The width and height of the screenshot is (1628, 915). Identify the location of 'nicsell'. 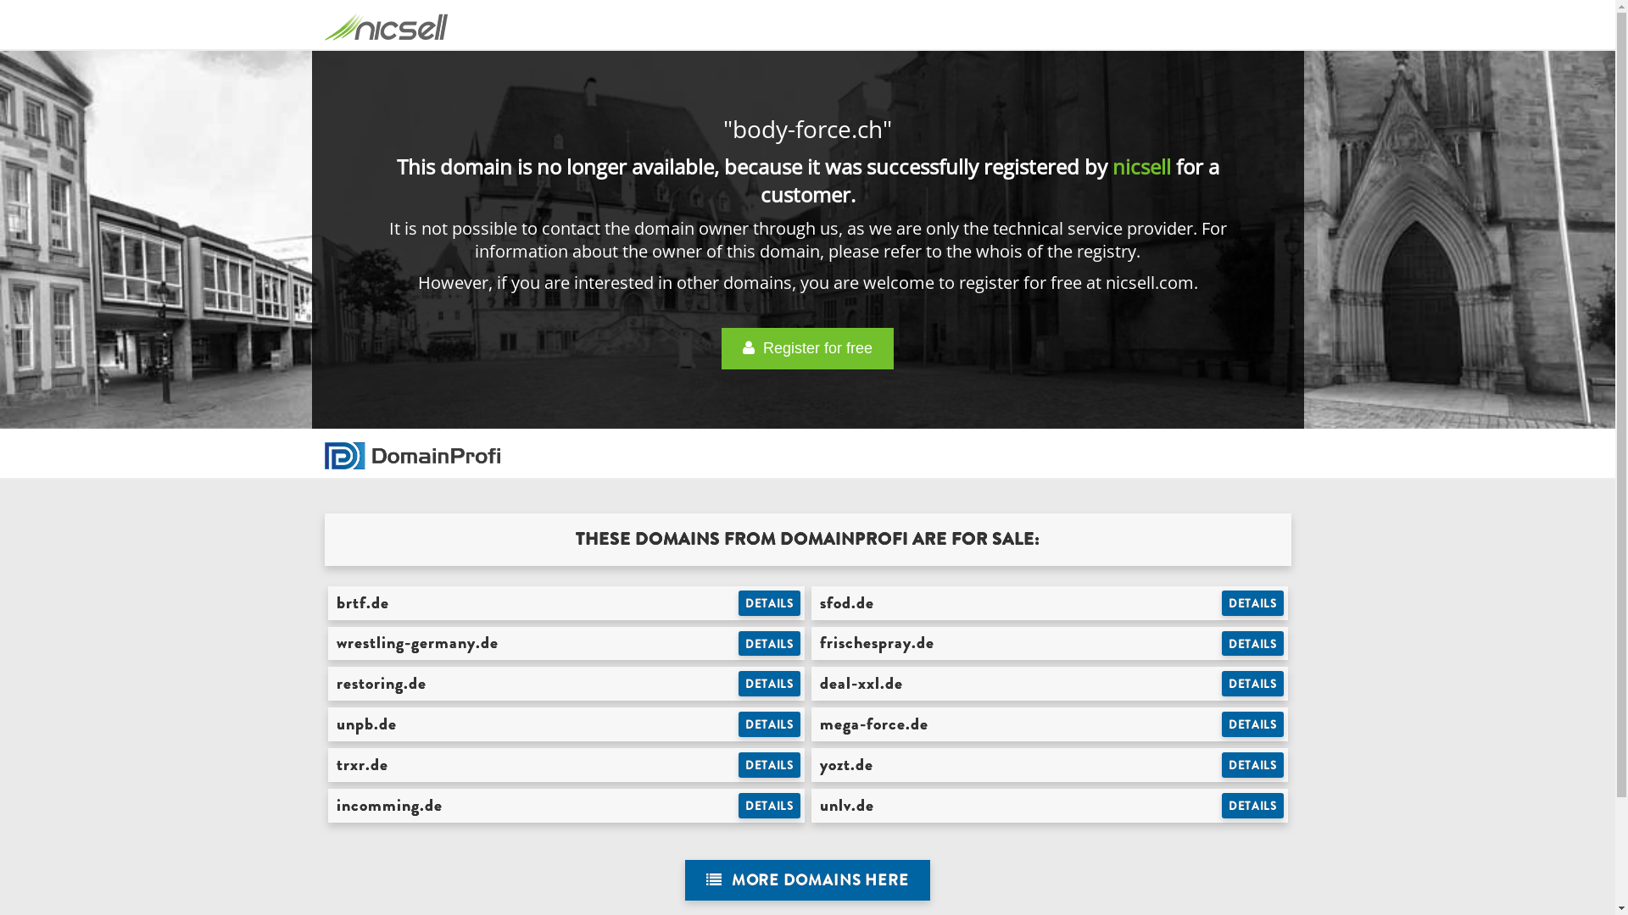
(1141, 166).